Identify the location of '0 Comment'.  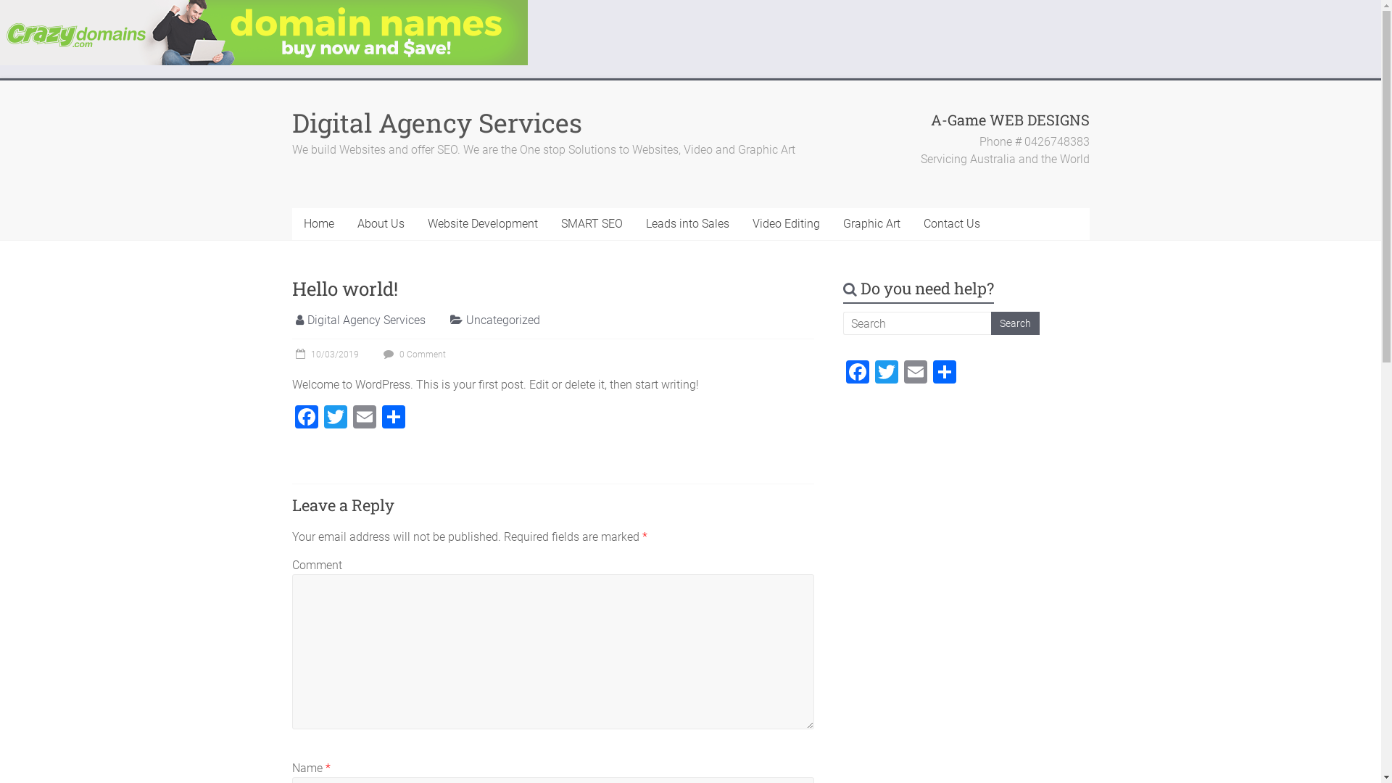
(412, 355).